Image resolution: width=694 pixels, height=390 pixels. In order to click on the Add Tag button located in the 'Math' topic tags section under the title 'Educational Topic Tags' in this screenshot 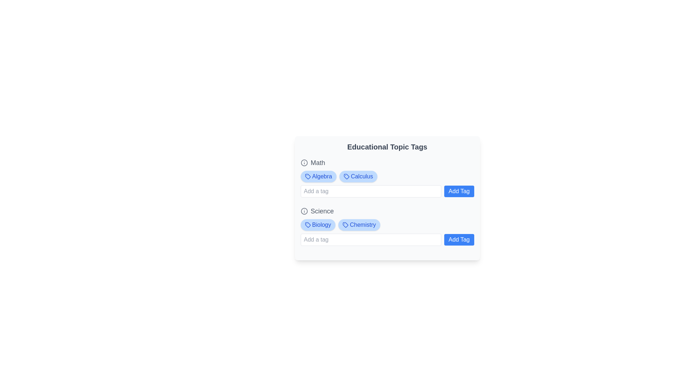, I will do `click(387, 178)`.